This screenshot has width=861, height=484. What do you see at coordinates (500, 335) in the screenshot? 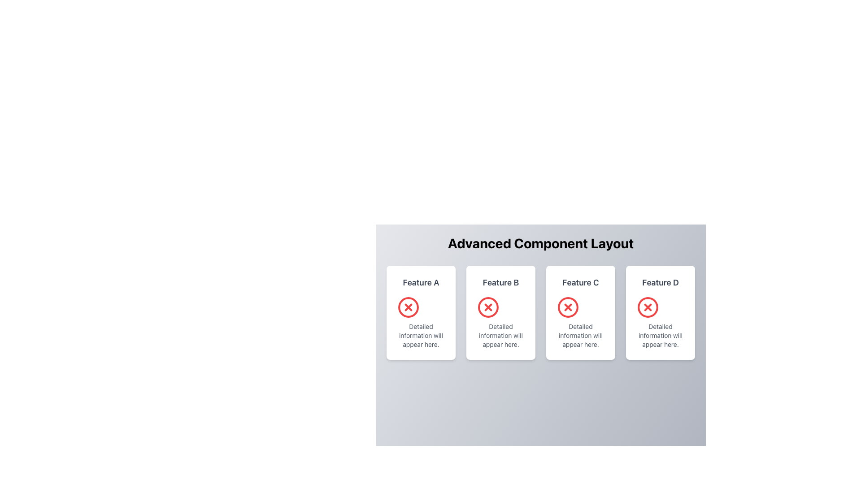
I see `text located at the bottom of the second card (Feature B) in a horizontally aligned grid, below the text 'Feature B' and a circular icon` at bounding box center [500, 335].